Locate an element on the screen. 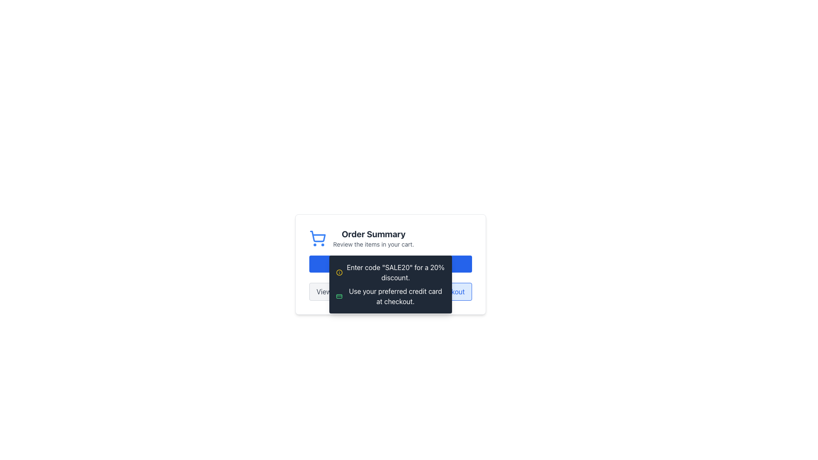 The height and width of the screenshot is (460, 818). the circular graphical component that serves as part of the information symbol icon located at the beginning of the tooltip explaining a discount code is located at coordinates (339, 273).